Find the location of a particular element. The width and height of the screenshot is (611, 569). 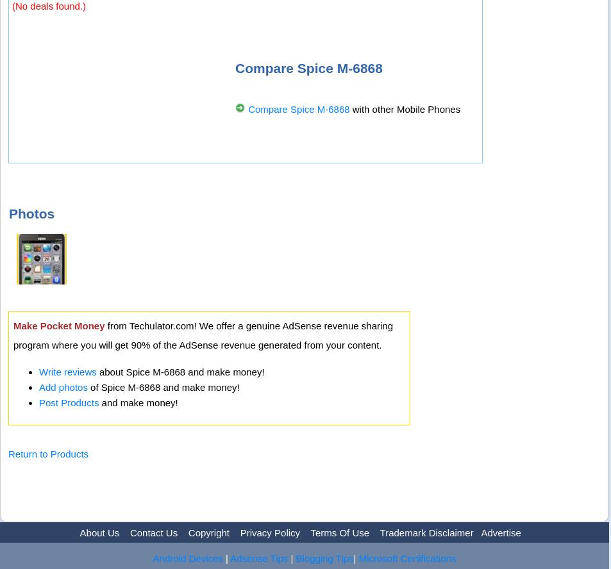

'Microsoft Certifications' is located at coordinates (358, 557).